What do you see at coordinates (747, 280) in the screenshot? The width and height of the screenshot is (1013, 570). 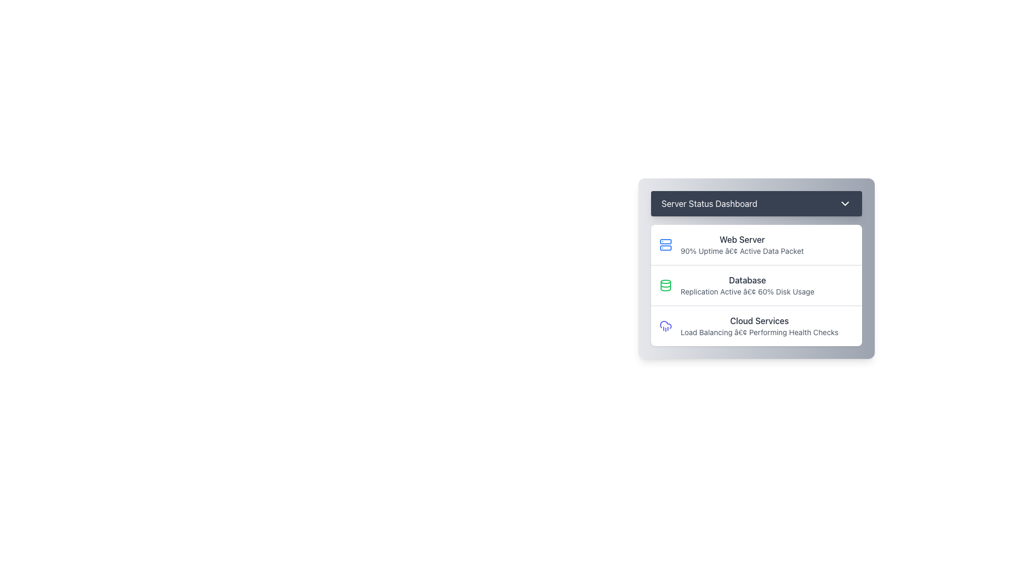 I see `the text label displaying 'Database' in bold dark gray, located in the second section of the 'Server Status Dashboard', above the line 'Replication Active • 60% Disk Usage'` at bounding box center [747, 280].